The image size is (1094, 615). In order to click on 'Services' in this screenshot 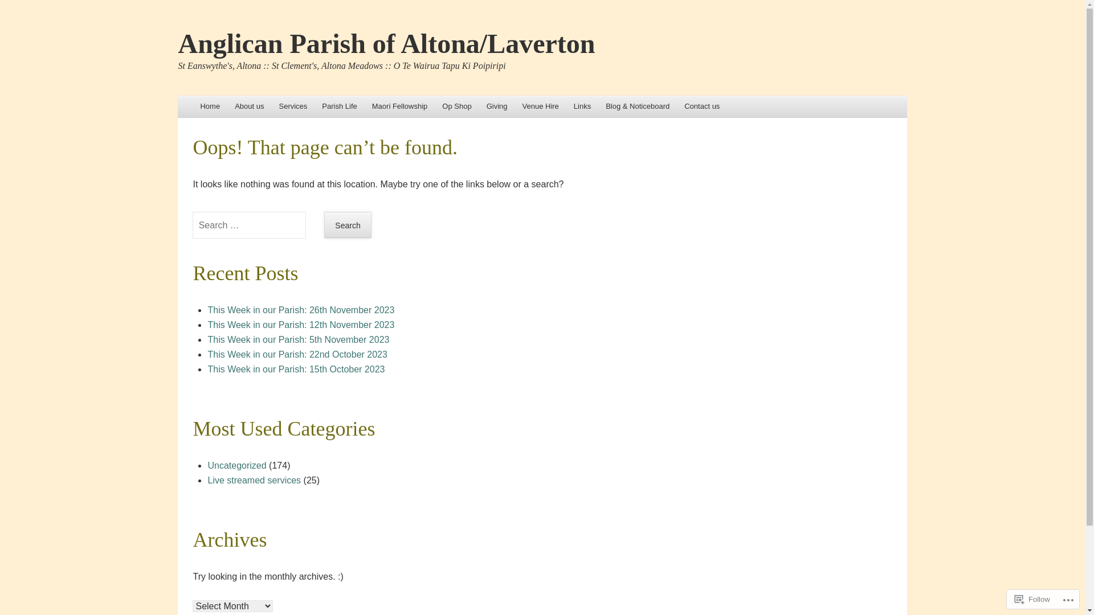, I will do `click(270, 106)`.